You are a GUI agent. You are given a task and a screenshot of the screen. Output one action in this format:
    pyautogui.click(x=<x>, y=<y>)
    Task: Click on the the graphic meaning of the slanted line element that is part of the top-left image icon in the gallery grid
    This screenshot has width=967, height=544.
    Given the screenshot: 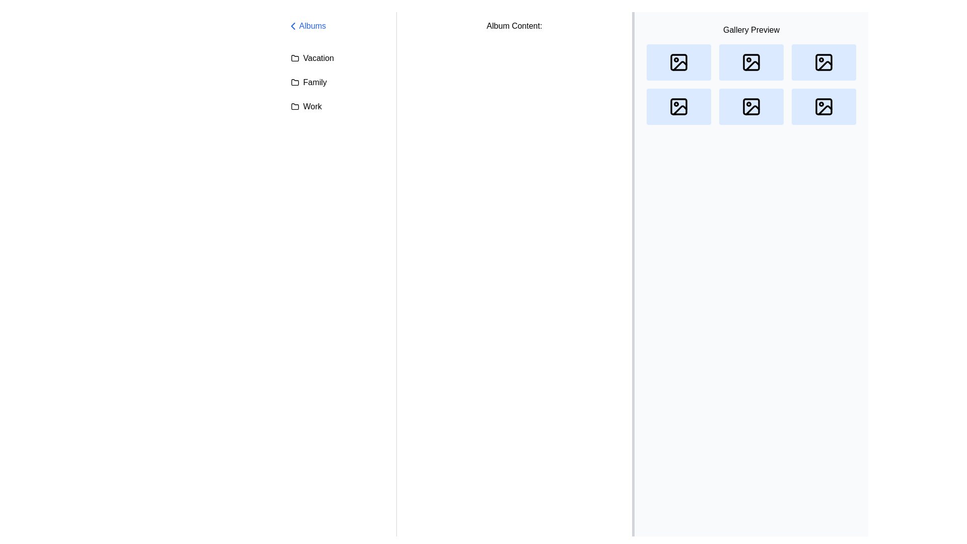 What is the action you would take?
    pyautogui.click(x=680, y=65)
    